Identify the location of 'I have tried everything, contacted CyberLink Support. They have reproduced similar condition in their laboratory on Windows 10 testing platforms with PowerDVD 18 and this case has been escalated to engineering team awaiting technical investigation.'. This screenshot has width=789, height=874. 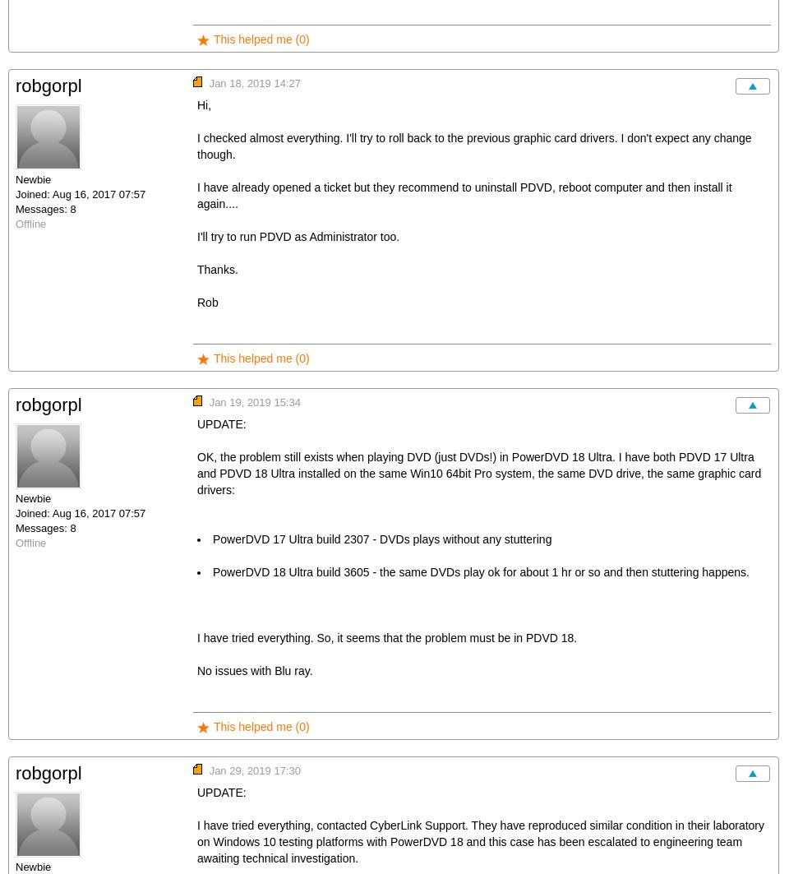
(197, 840).